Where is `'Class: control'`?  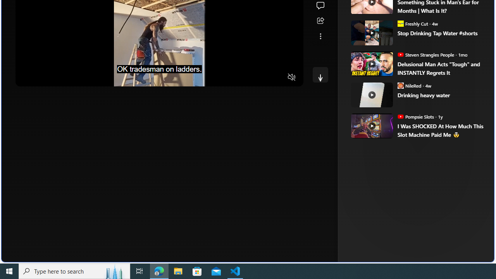 'Class: control' is located at coordinates (320, 74).